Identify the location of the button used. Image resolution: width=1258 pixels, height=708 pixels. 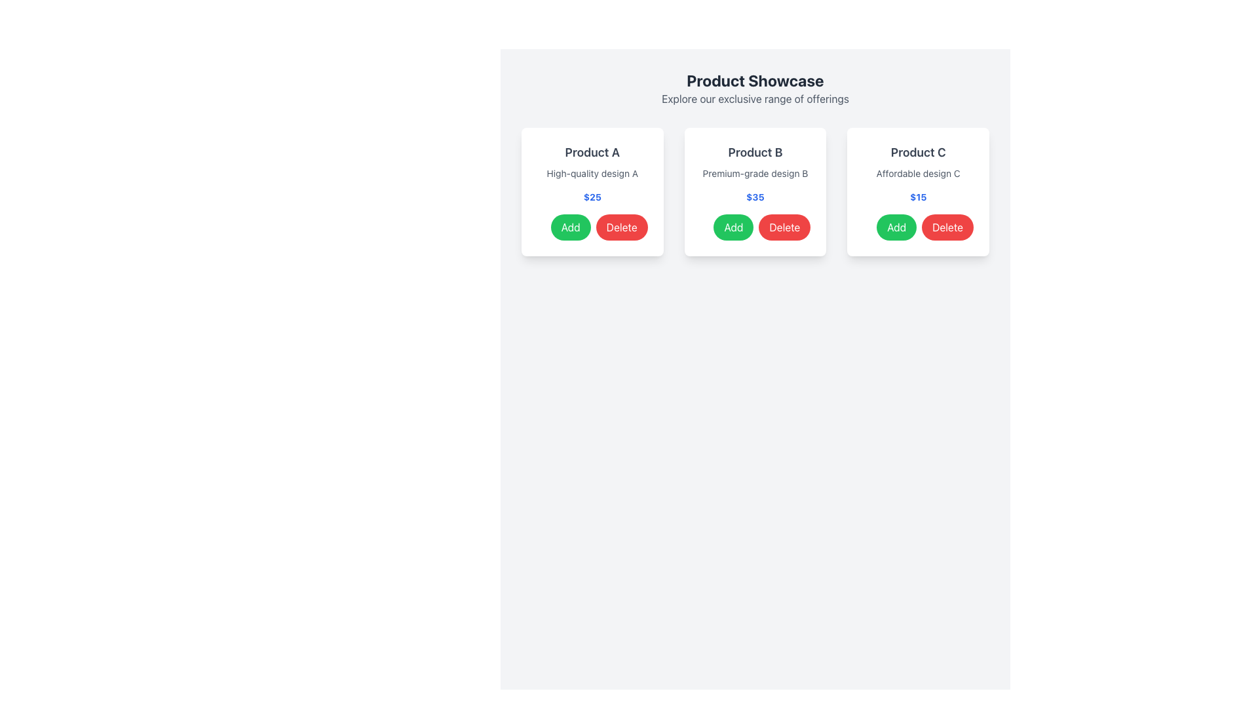
(571, 227).